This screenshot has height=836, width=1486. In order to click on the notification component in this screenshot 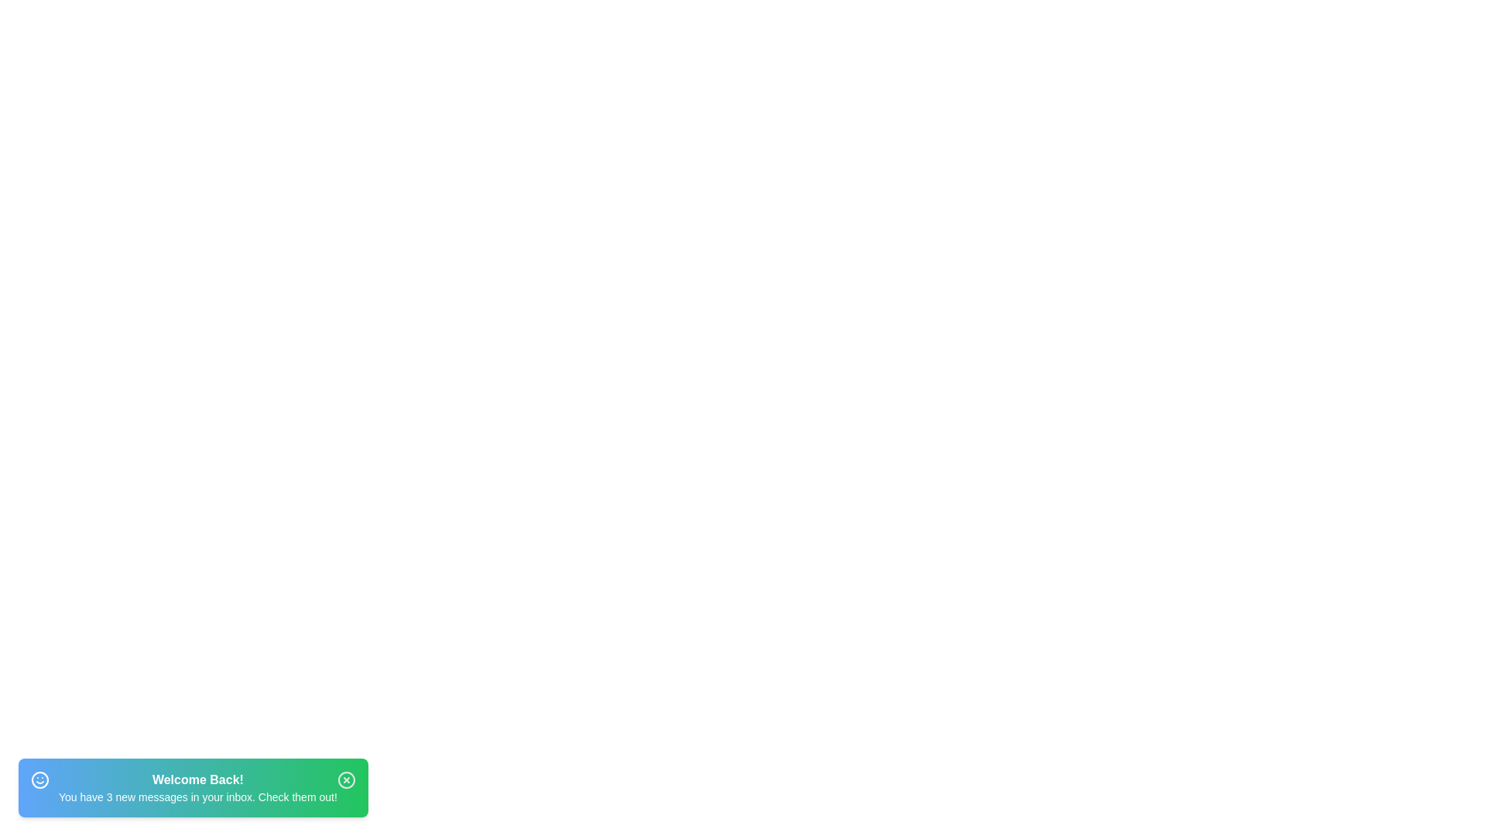, I will do `click(192, 788)`.